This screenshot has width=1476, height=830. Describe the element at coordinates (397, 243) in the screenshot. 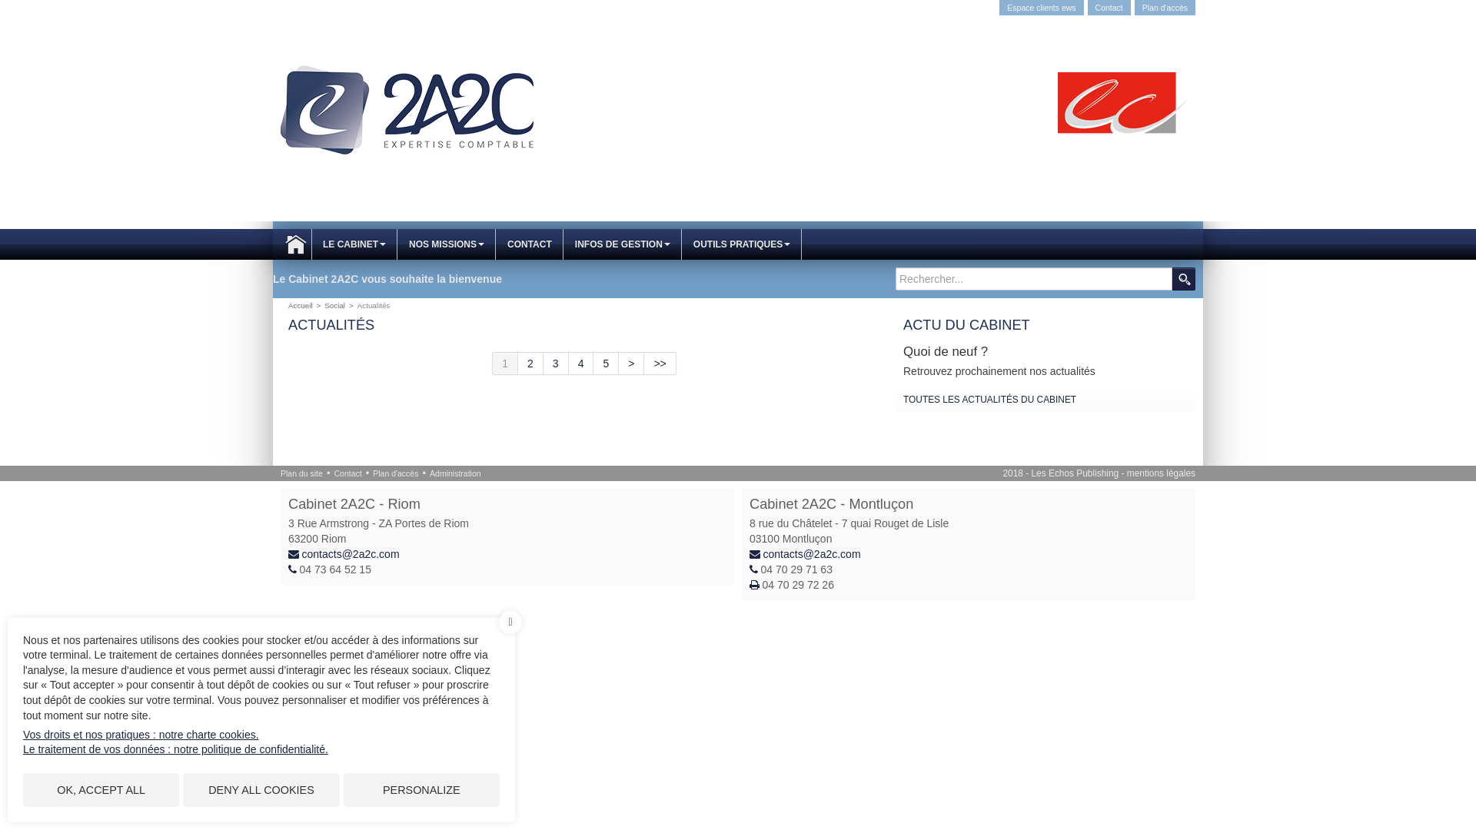

I see `'NOS MISSIONS'` at that location.